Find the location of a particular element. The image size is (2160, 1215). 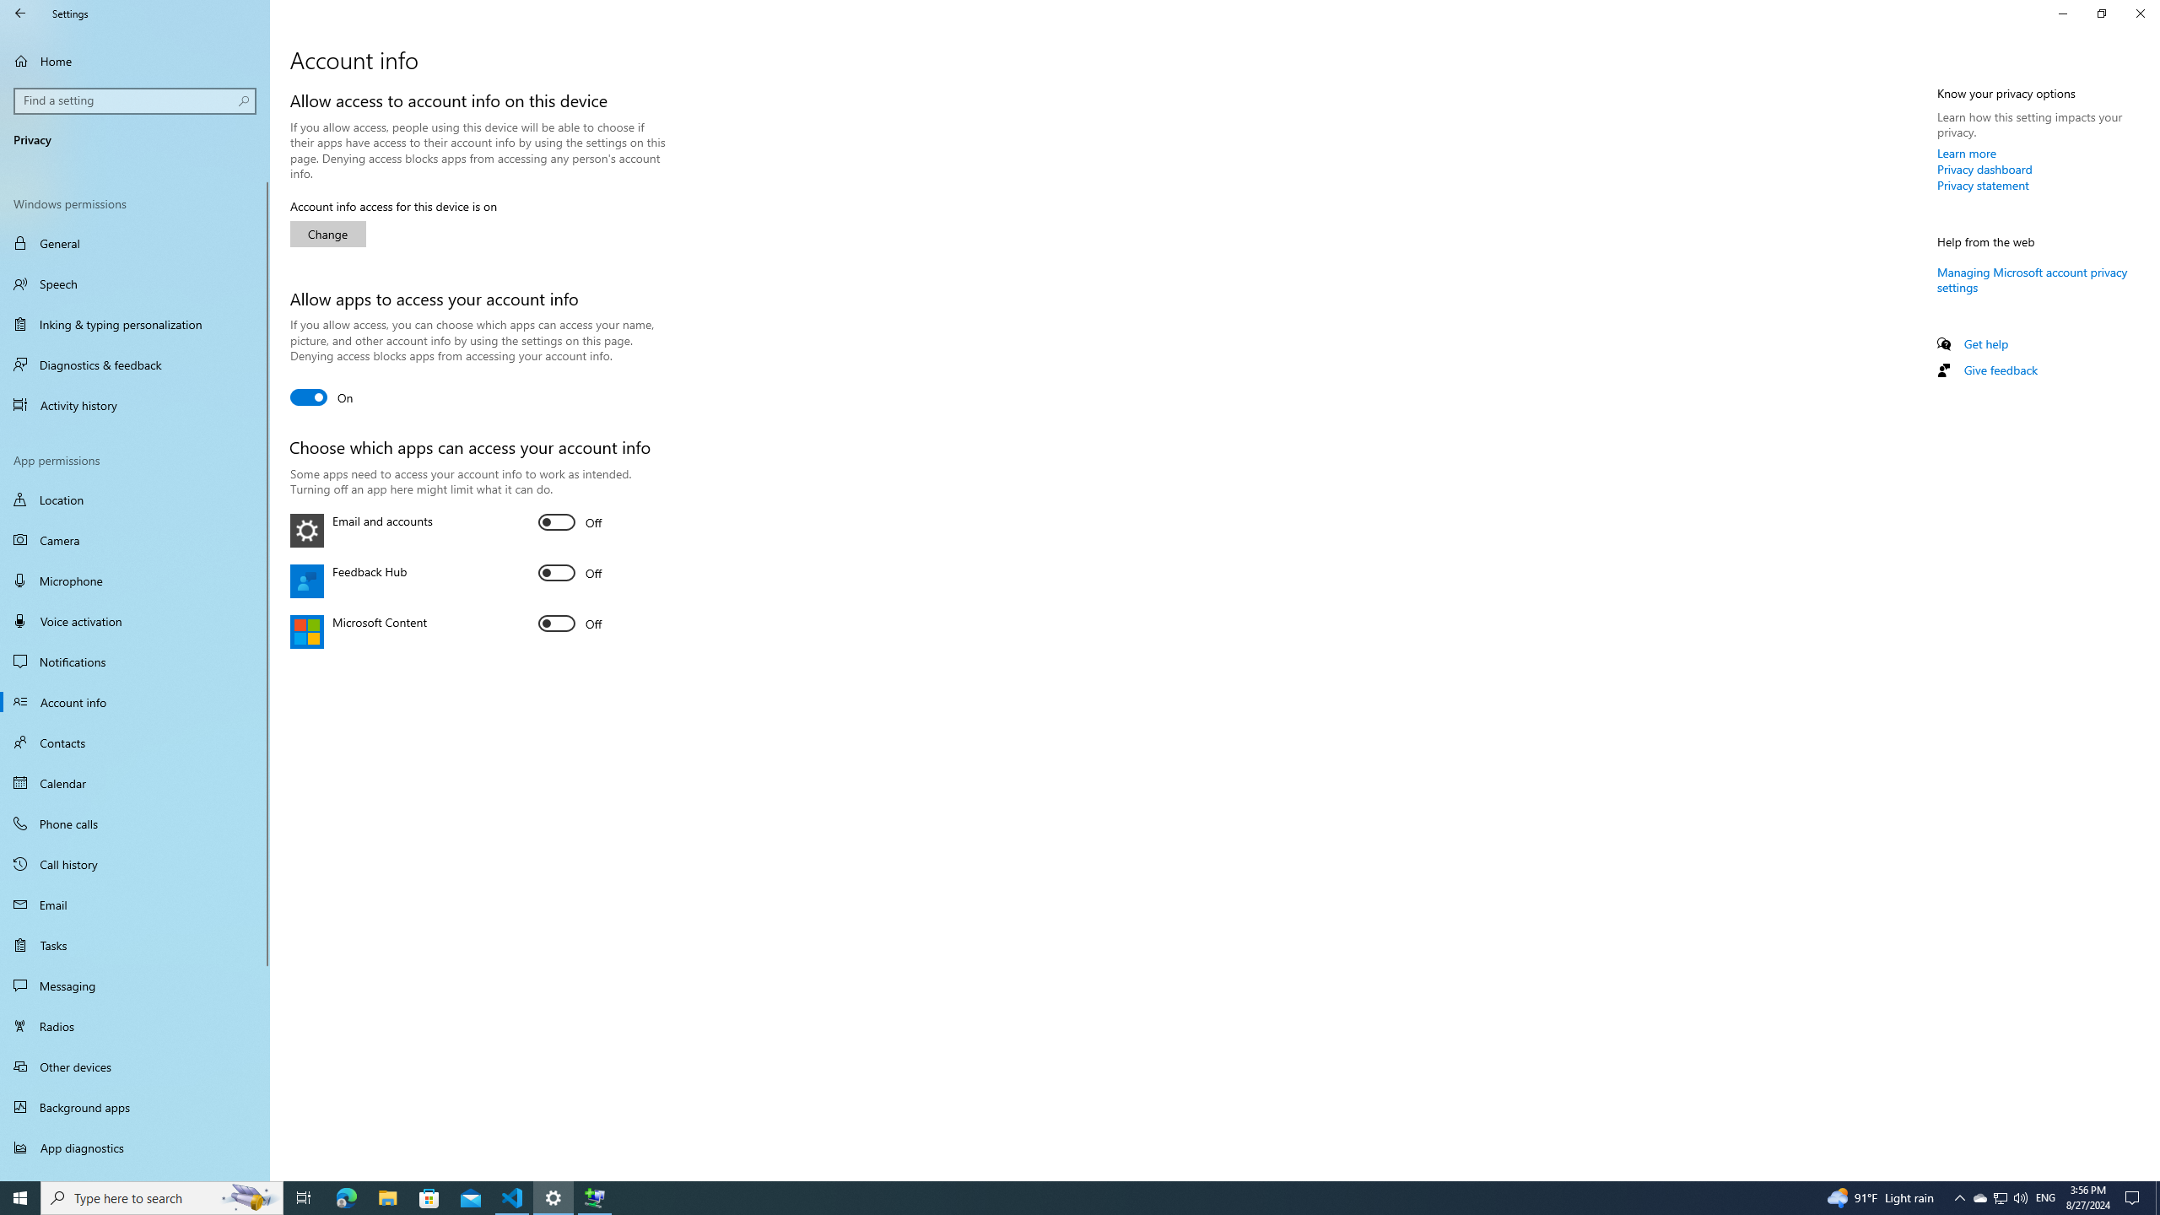

'Voice activation' is located at coordinates (134, 620).